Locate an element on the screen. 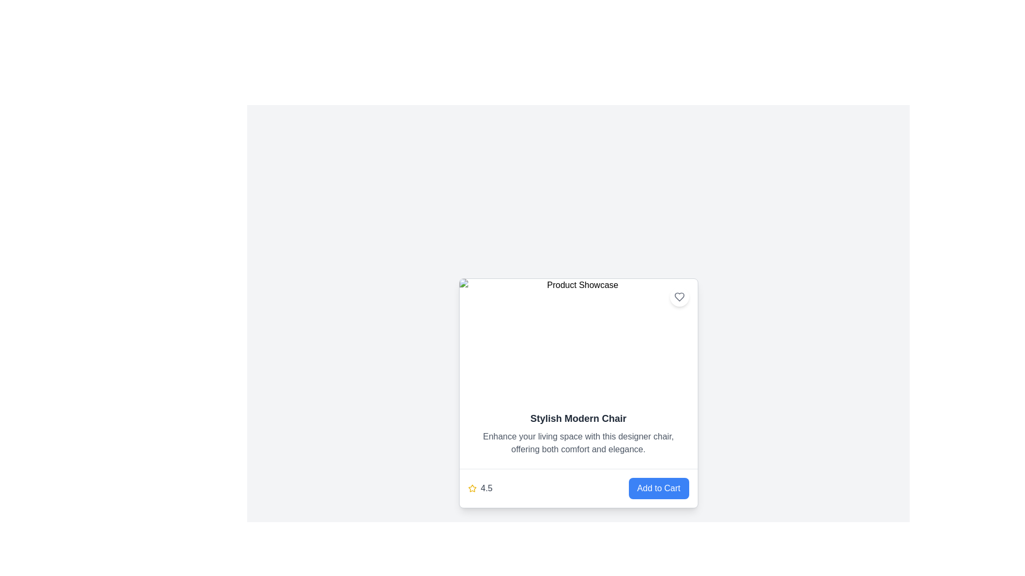  the 'Add to Cart' button located in the bottom-right section of the card layout to observe visual feedback is located at coordinates (658, 488).